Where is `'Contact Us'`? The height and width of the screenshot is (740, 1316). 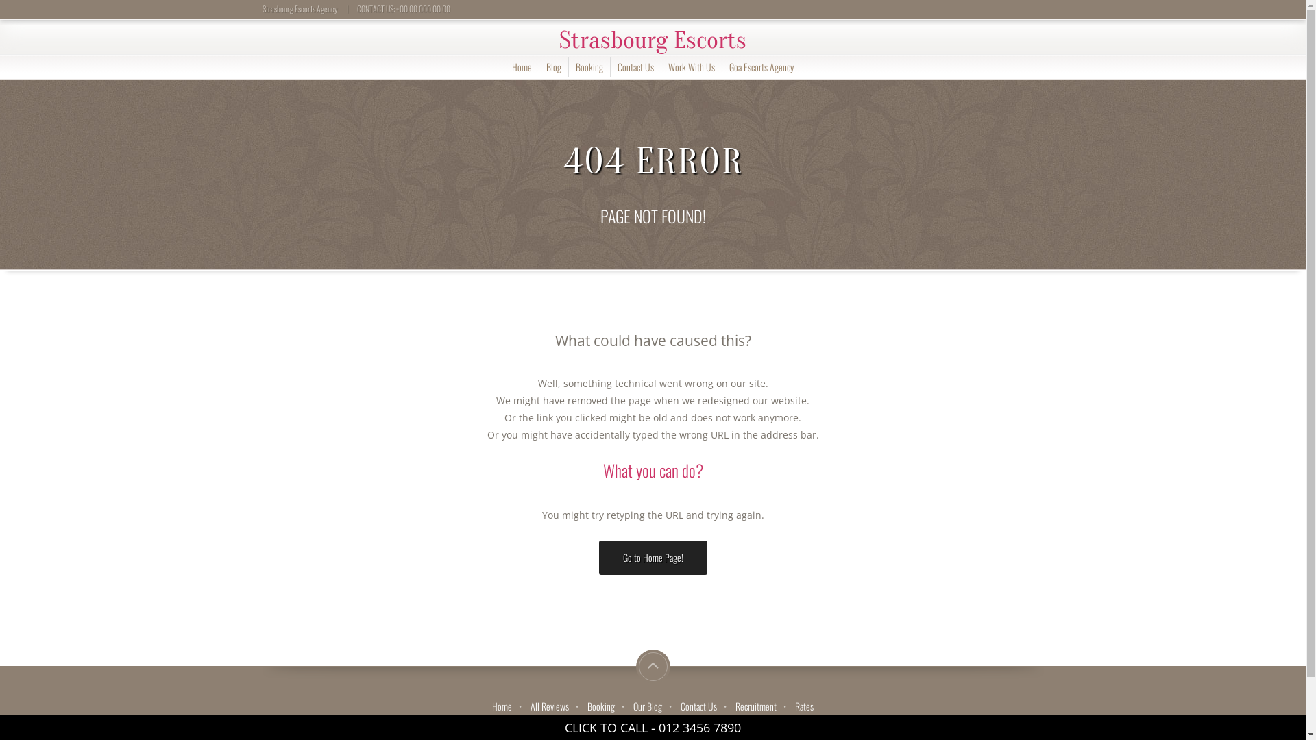 'Contact Us' is located at coordinates (609, 66).